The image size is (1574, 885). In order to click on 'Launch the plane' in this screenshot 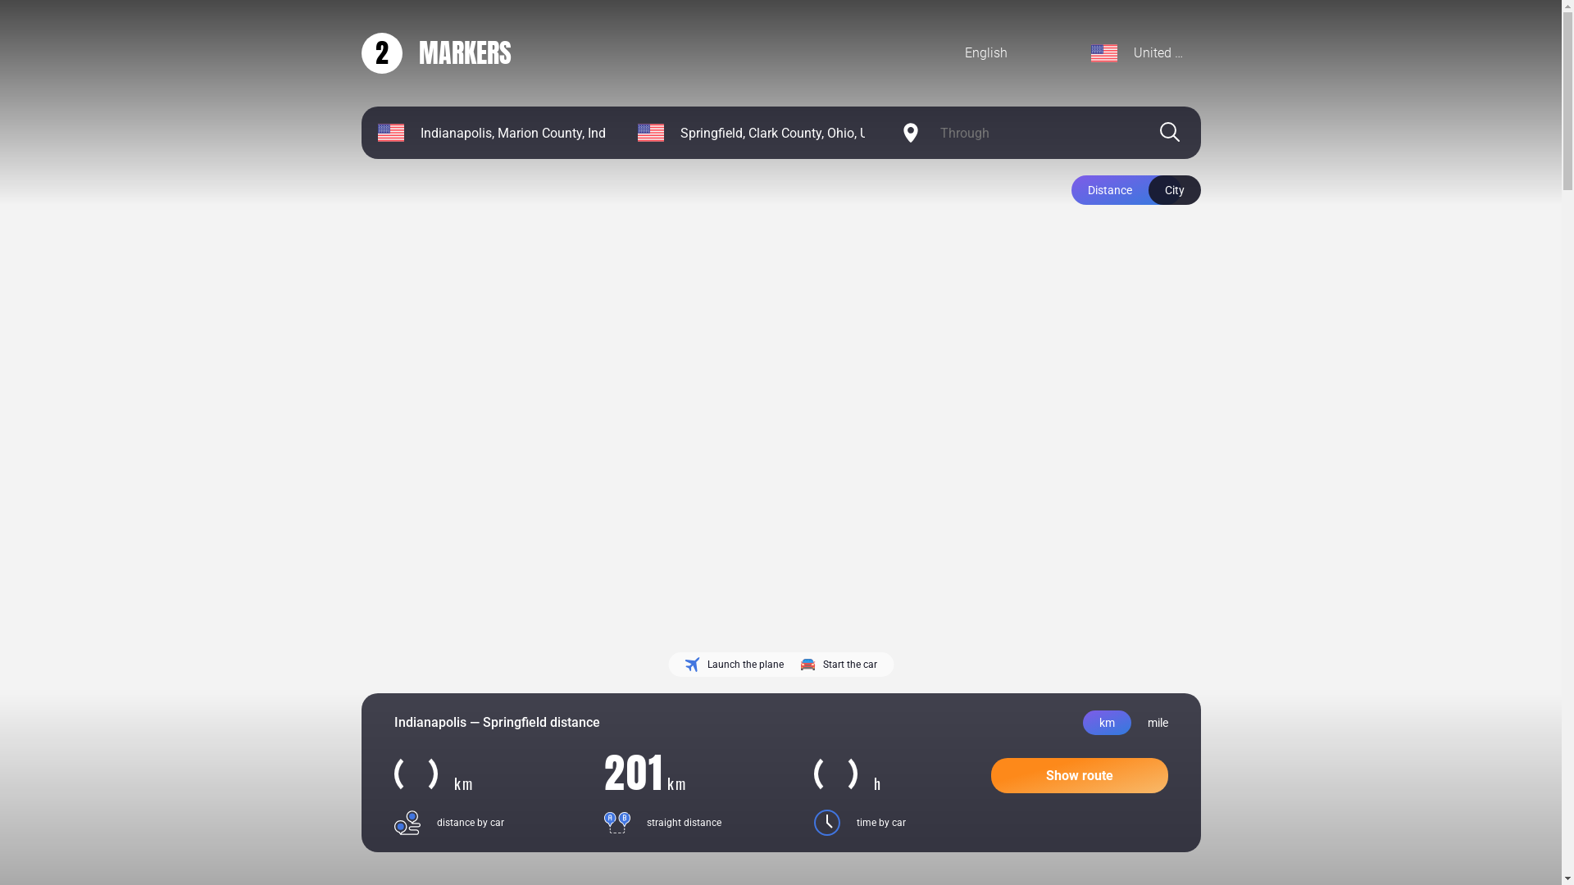, I will do `click(733, 664)`.